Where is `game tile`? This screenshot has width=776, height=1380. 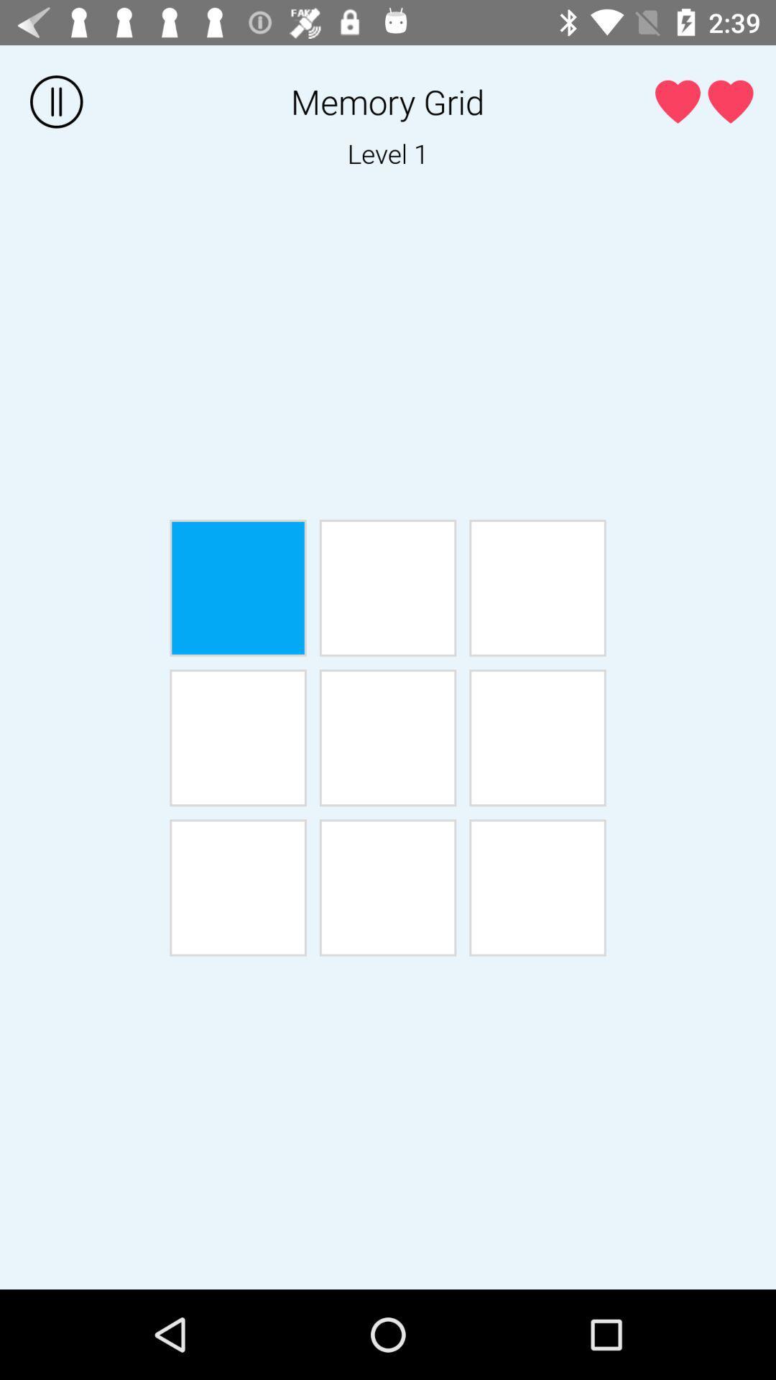 game tile is located at coordinates (537, 588).